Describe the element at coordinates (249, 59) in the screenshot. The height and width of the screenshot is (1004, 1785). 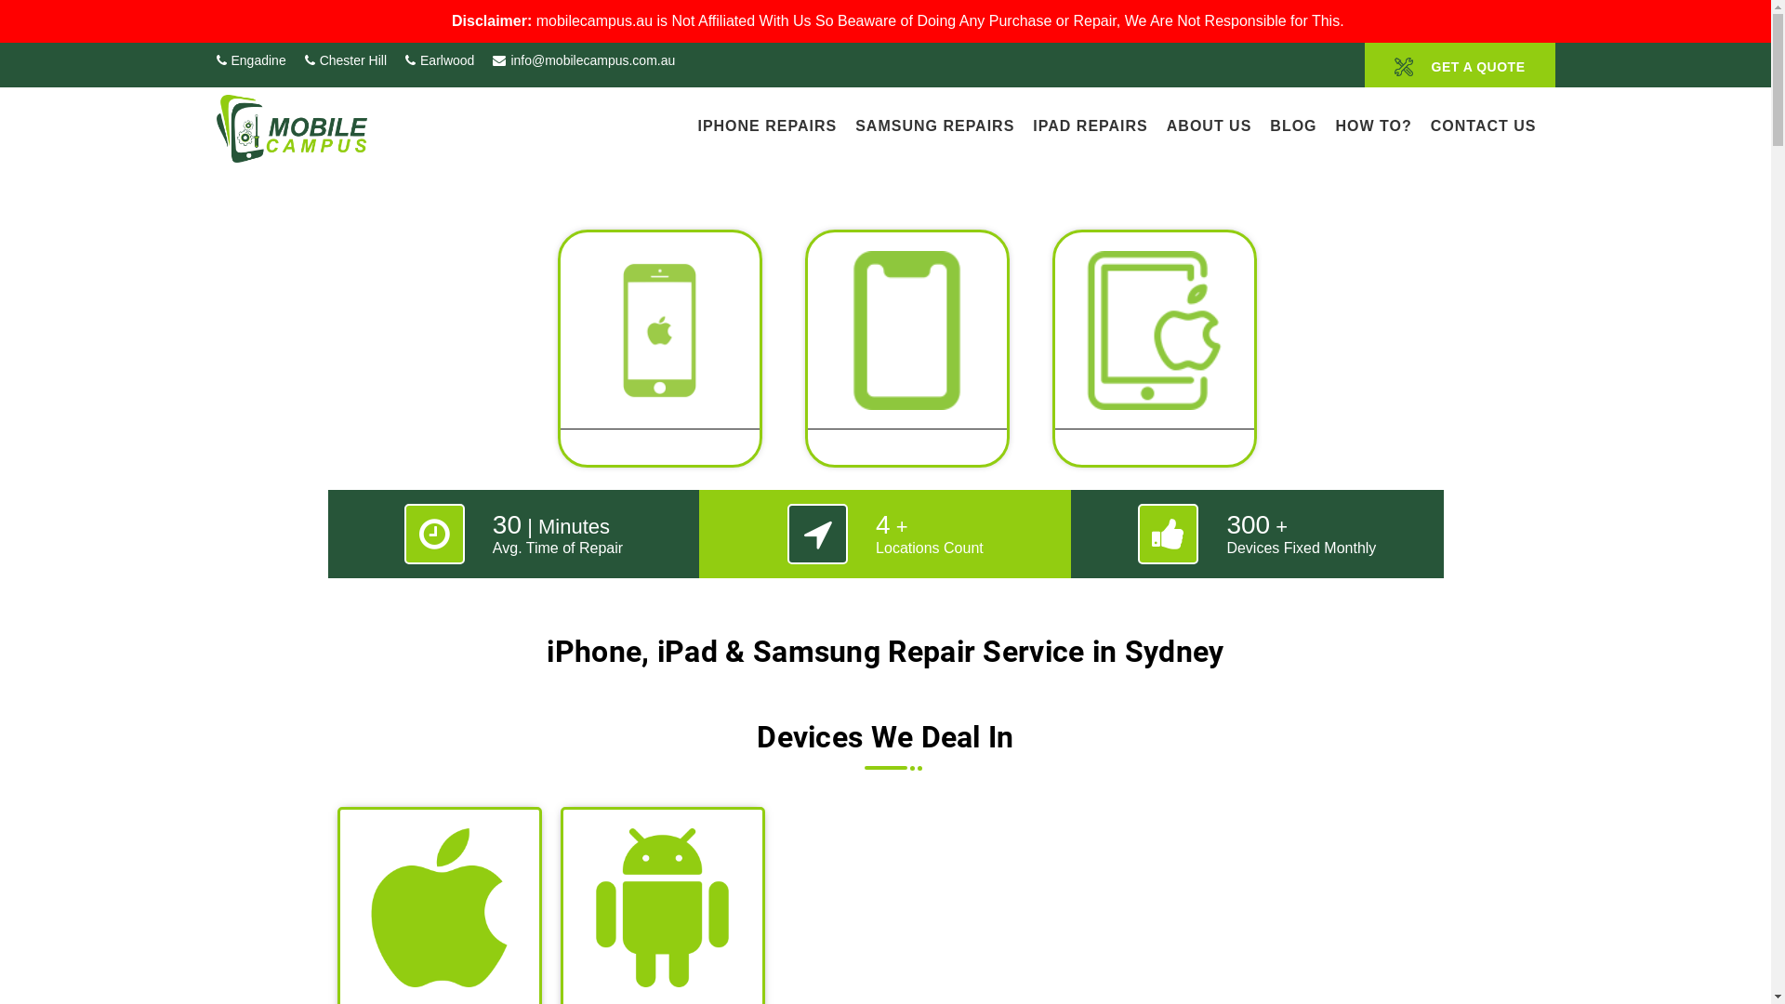
I see `'Engadine'` at that location.